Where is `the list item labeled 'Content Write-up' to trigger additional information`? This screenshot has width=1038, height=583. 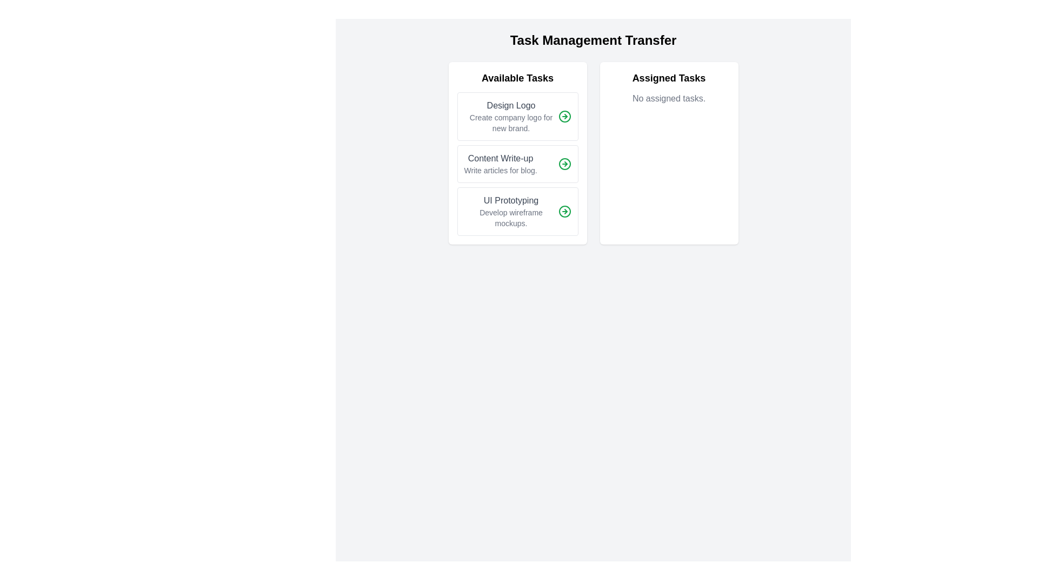 the list item labeled 'Content Write-up' to trigger additional information is located at coordinates (517, 164).